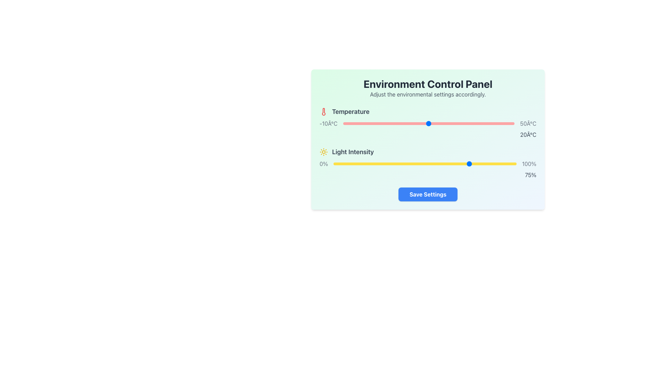 The width and height of the screenshot is (667, 375). Describe the element at coordinates (463, 123) in the screenshot. I see `temperature` at that location.